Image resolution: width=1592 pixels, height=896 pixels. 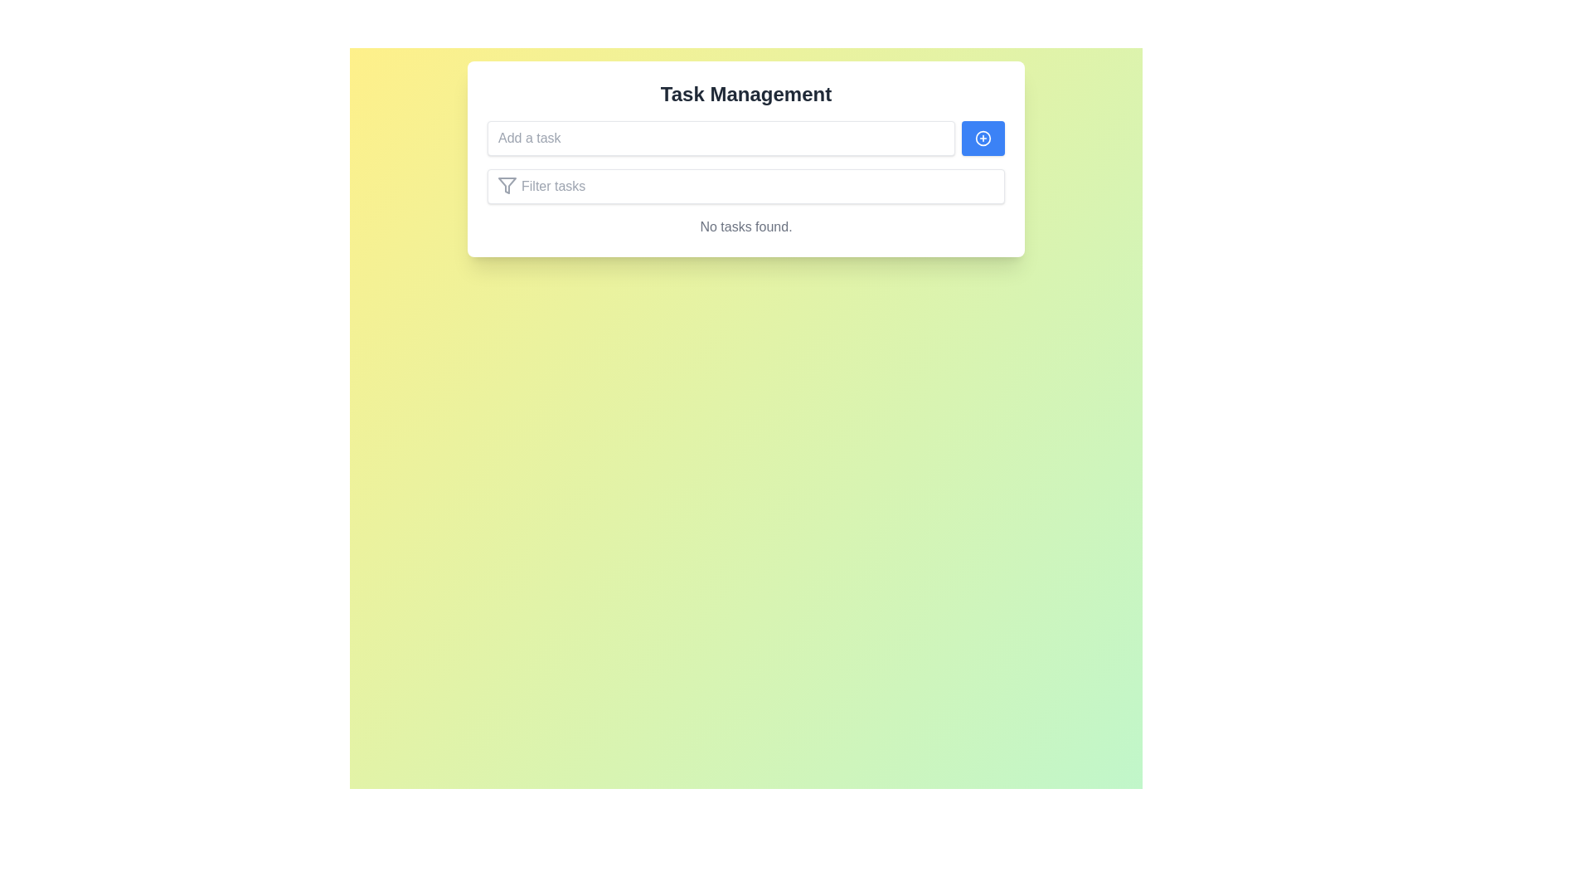 I want to click on the button with an icon, which is positioned to the right of the 'Add a task' text input field, to trigger tooltip or visual feedback, so click(x=983, y=137).